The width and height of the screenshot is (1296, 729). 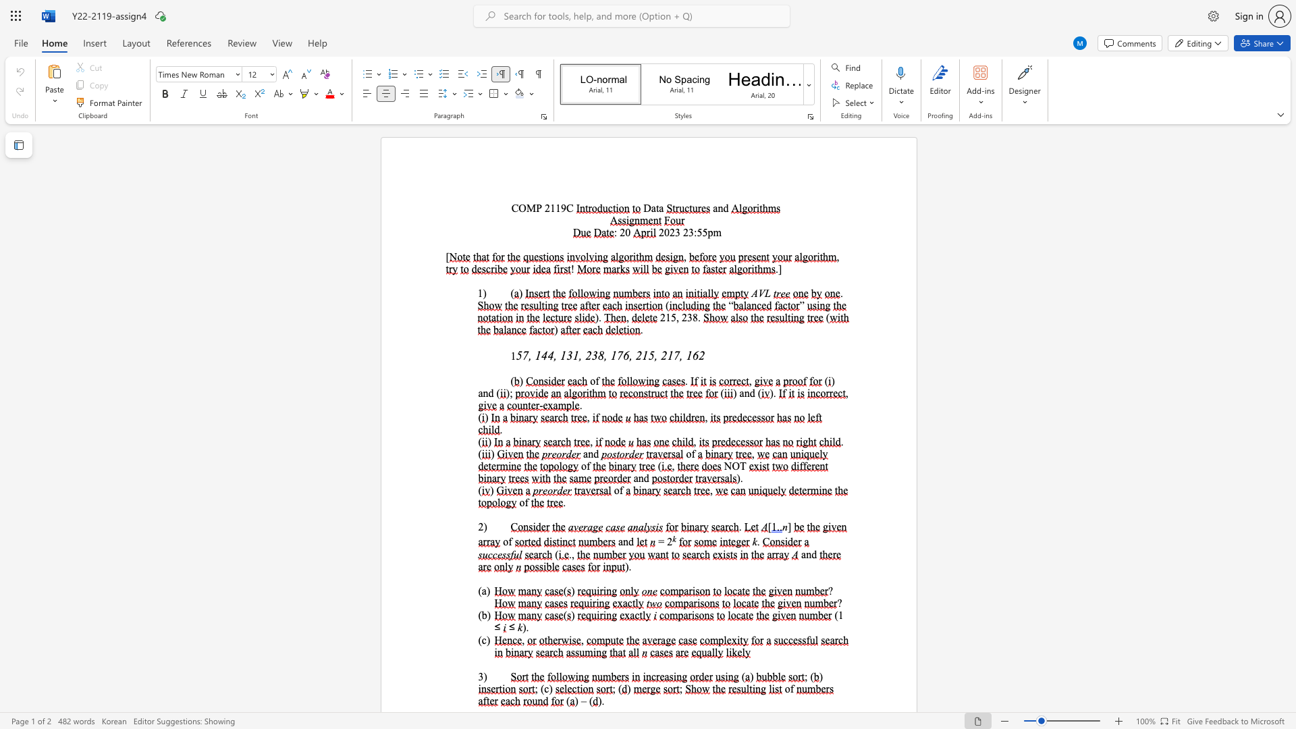 I want to click on the subset text "44, 131, 238" within the text "57, 144, 131, 238, 176, 215, 217, 162", so click(x=541, y=354).